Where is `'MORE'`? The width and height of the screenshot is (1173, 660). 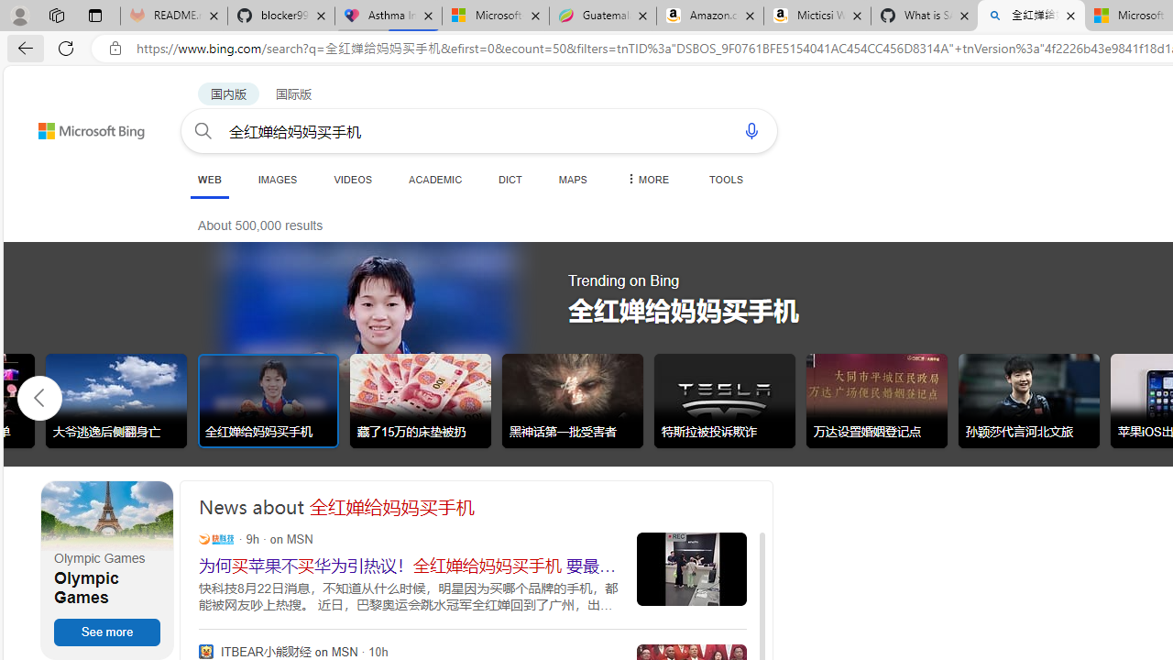 'MORE' is located at coordinates (646, 179).